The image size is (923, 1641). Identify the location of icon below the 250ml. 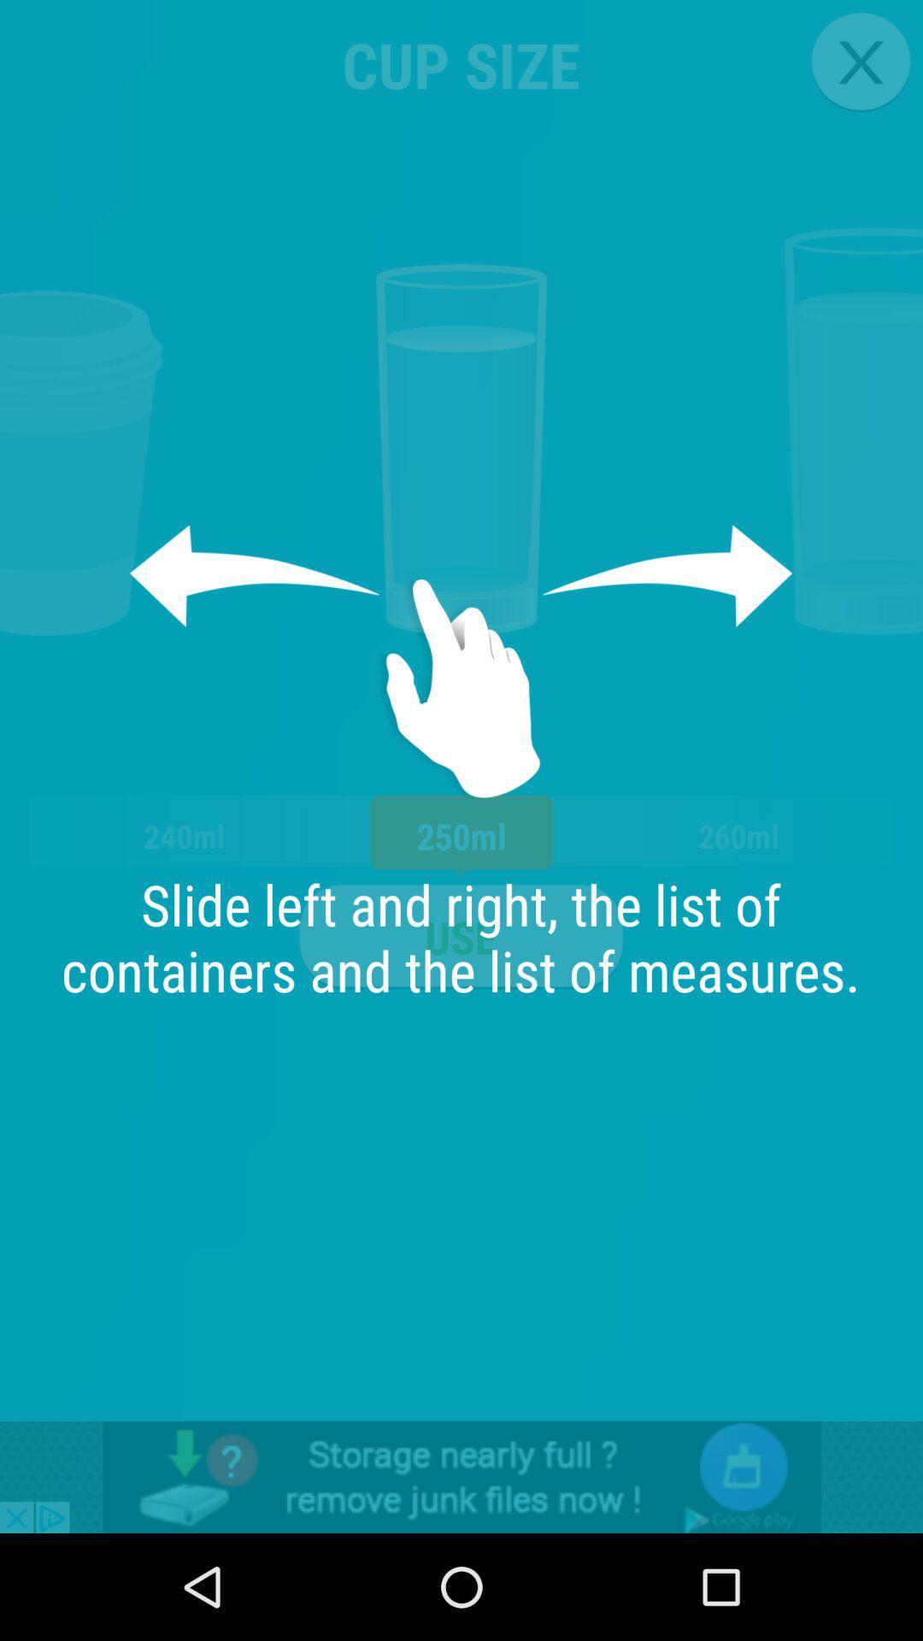
(460, 936).